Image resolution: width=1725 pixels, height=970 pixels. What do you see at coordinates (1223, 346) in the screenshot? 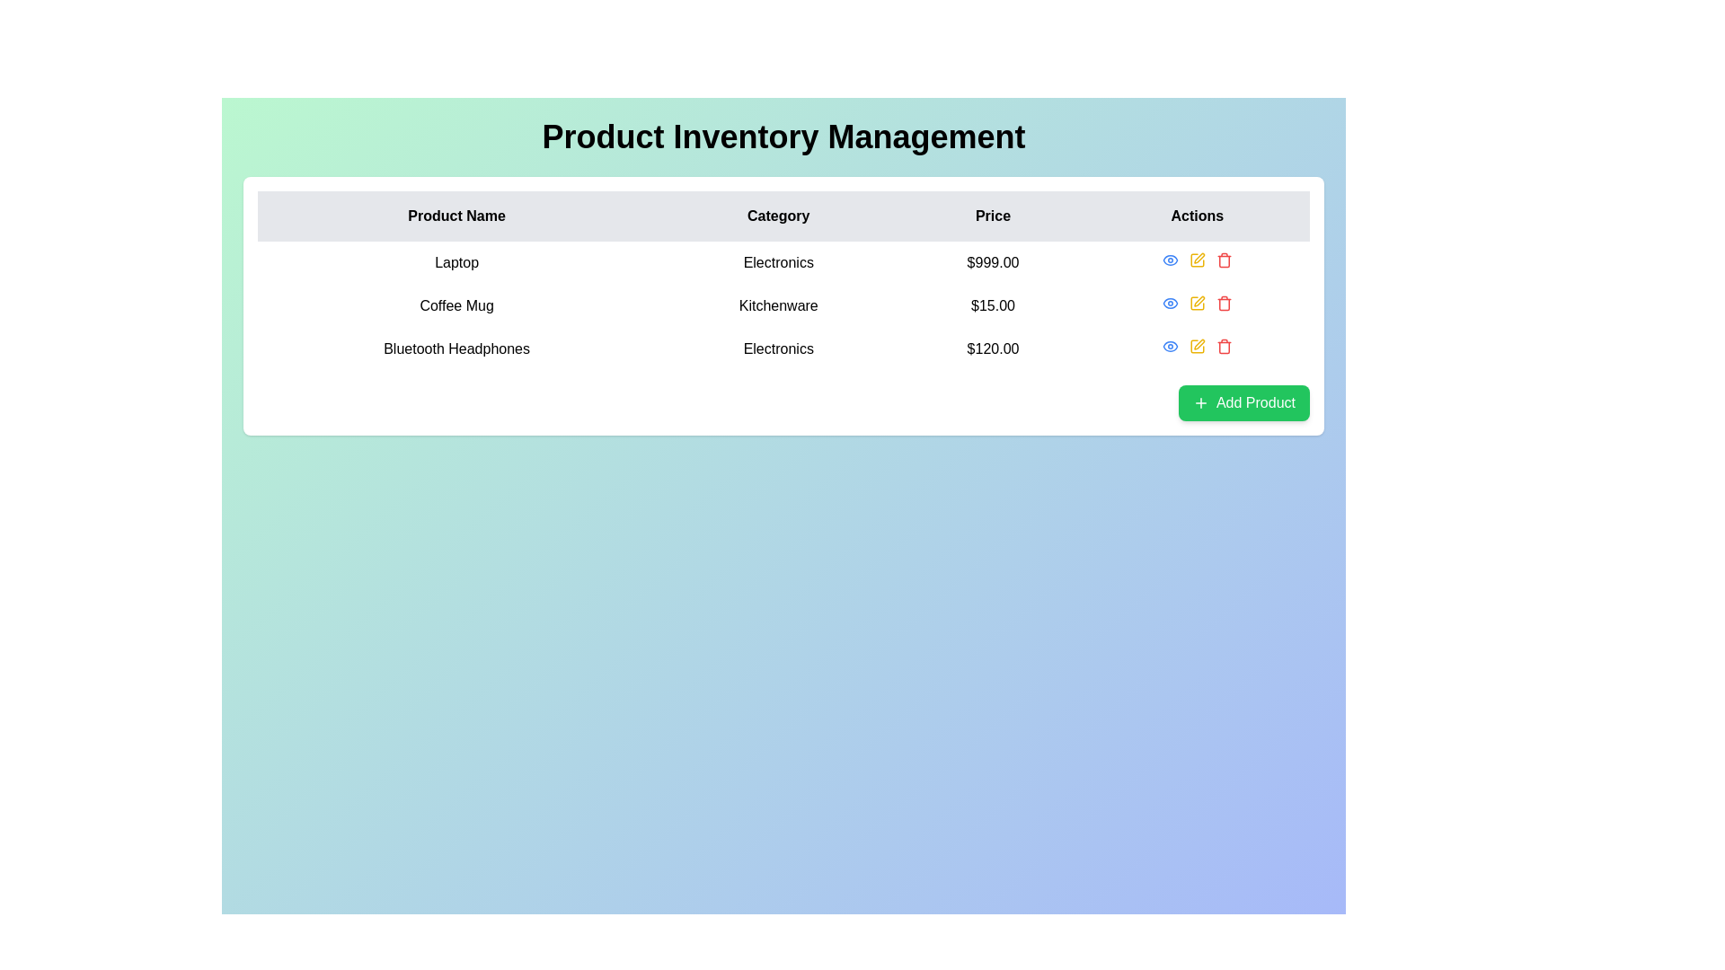
I see `the delete button icon located in the last column of the third row under the 'Actions' header` at bounding box center [1223, 346].